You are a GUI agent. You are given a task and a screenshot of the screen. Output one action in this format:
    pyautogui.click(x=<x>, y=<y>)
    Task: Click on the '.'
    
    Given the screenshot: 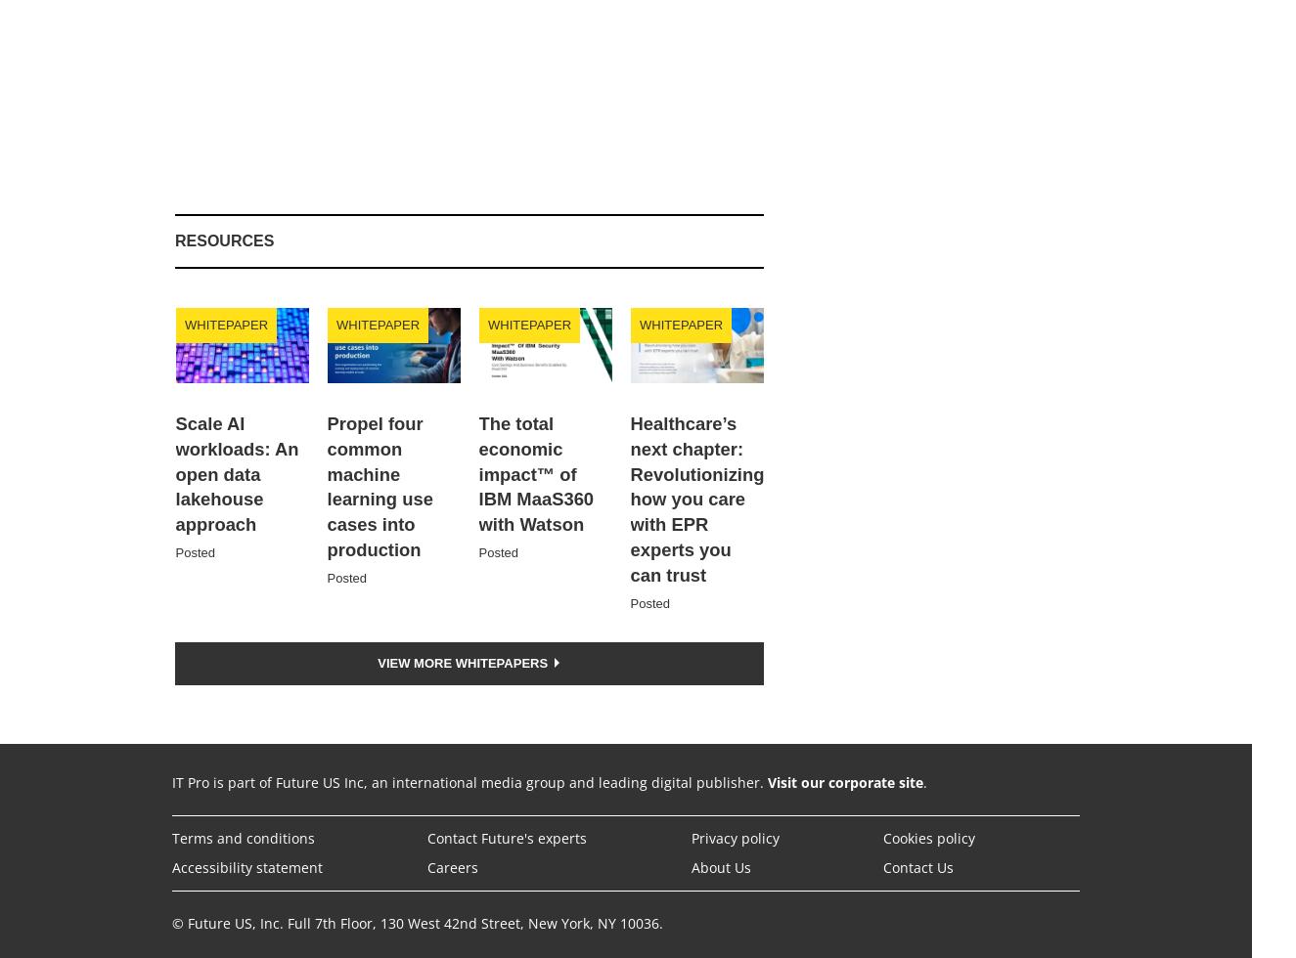 What is the action you would take?
    pyautogui.click(x=924, y=781)
    